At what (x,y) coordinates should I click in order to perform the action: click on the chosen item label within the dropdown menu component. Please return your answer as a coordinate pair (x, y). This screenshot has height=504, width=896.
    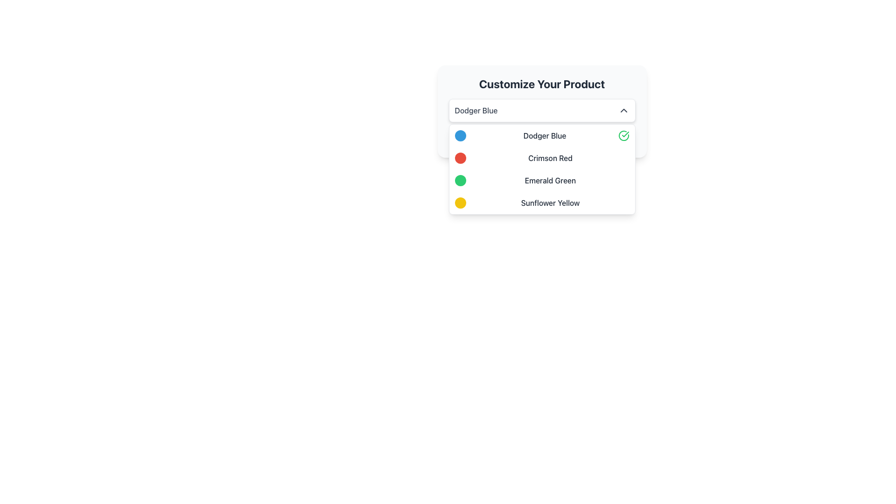
    Looking at the image, I should click on (476, 110).